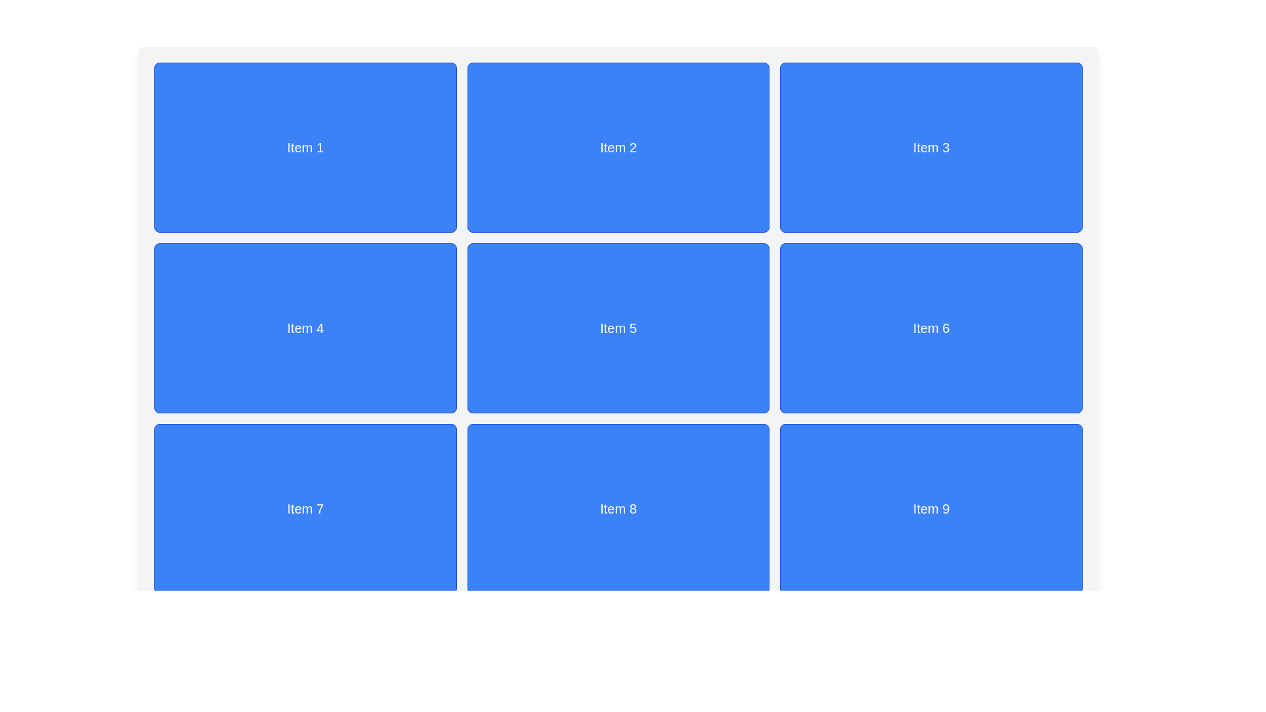 The height and width of the screenshot is (712, 1266). What do you see at coordinates (167, 618) in the screenshot?
I see `the disabled left navigation button in the pagination setup, located at the bottom-left corner of the pagination row` at bounding box center [167, 618].